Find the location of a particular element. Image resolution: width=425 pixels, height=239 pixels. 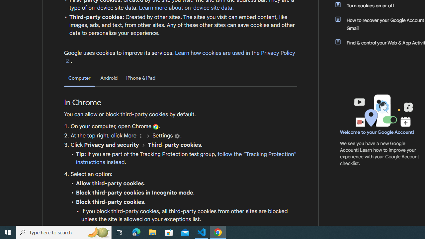

'Learning Center home page image' is located at coordinates (382, 110).